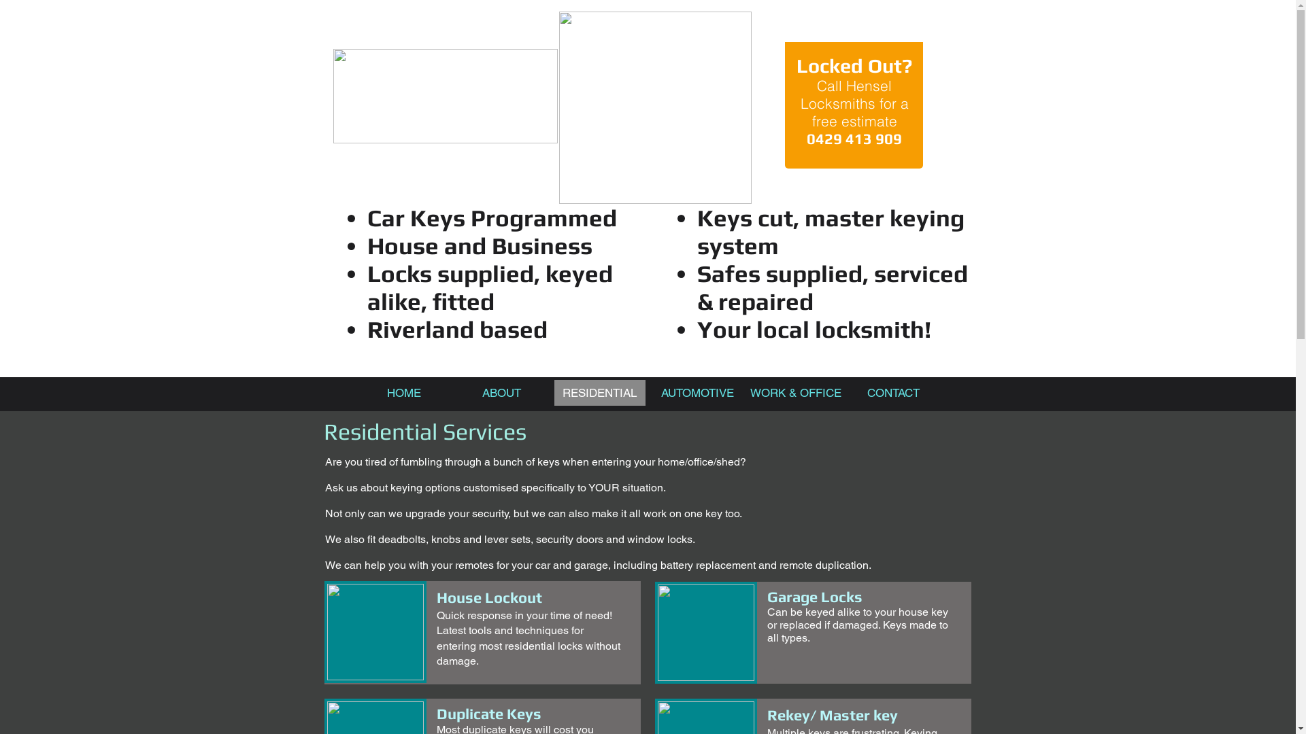 This screenshot has width=1306, height=734. I want to click on 'ABOUT', so click(501, 393).